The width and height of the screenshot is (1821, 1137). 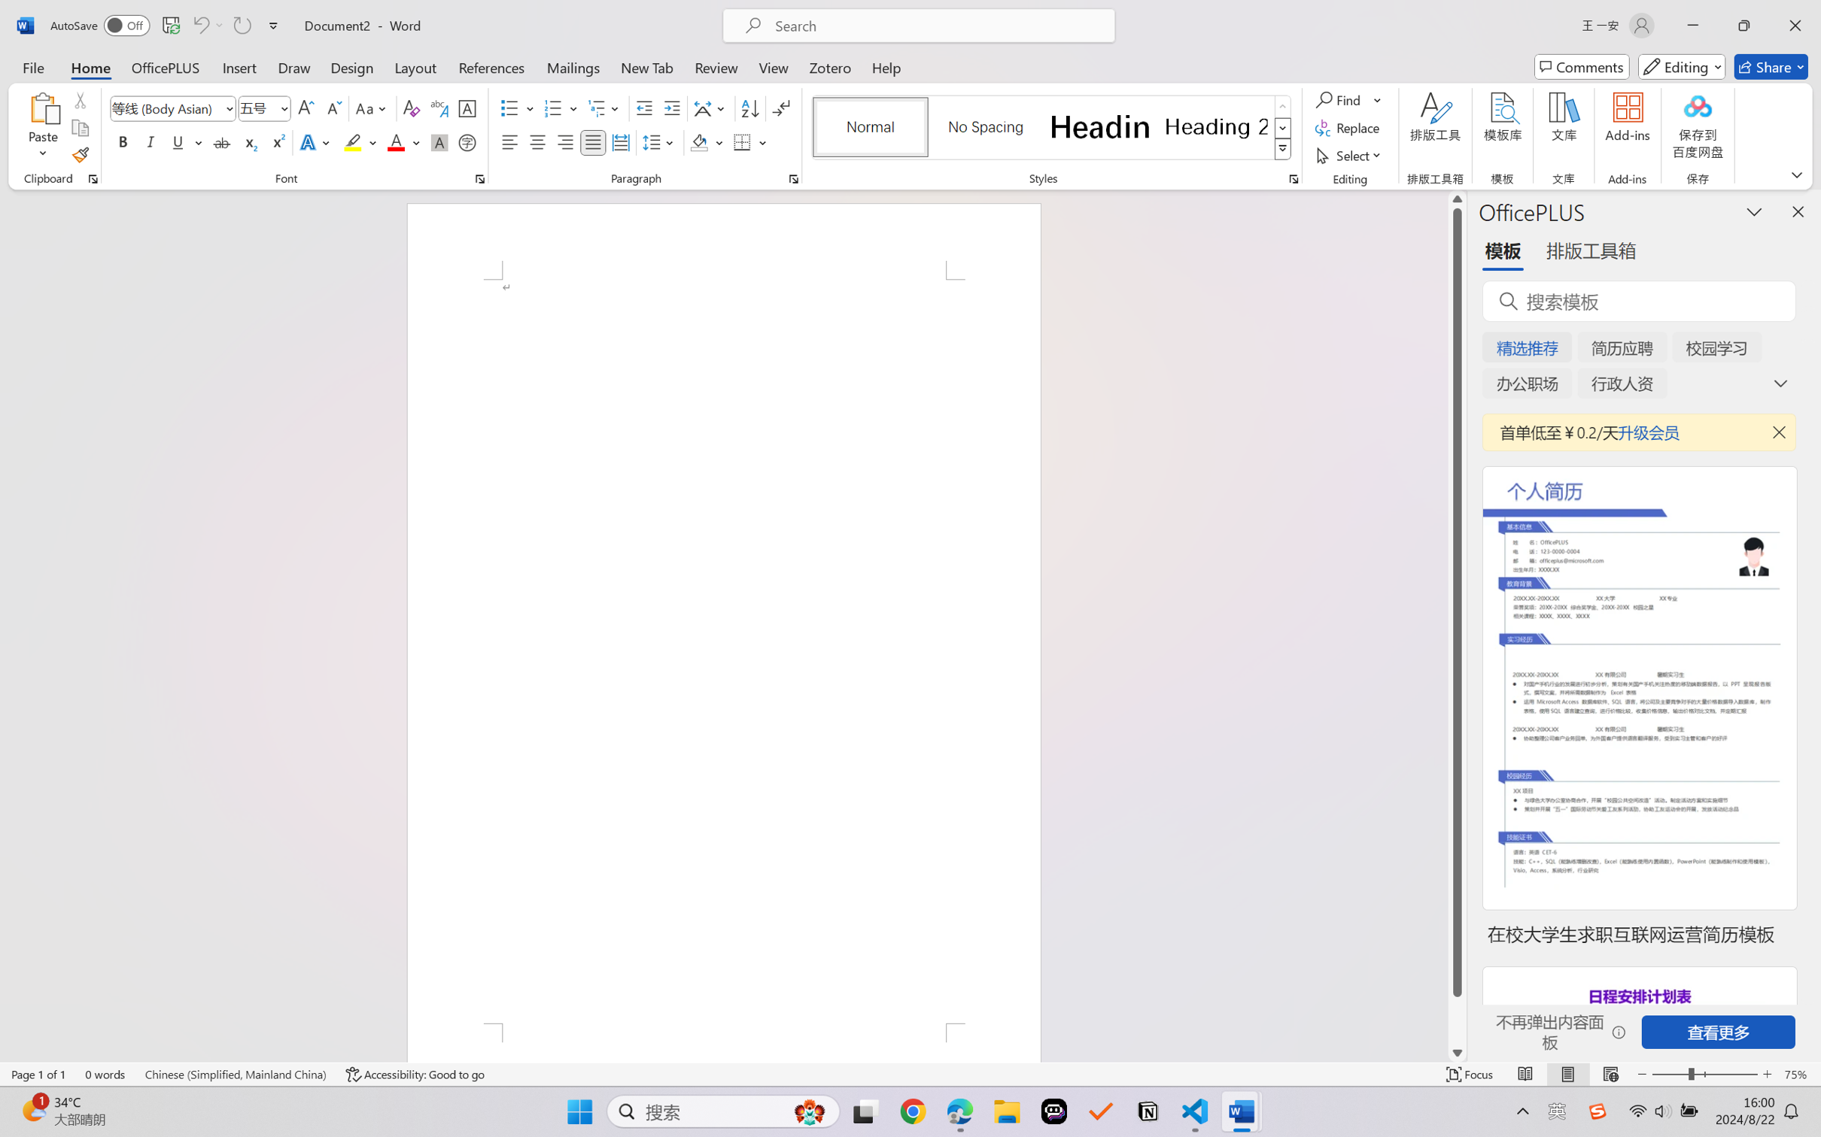 What do you see at coordinates (351, 66) in the screenshot?
I see `'Design'` at bounding box center [351, 66].